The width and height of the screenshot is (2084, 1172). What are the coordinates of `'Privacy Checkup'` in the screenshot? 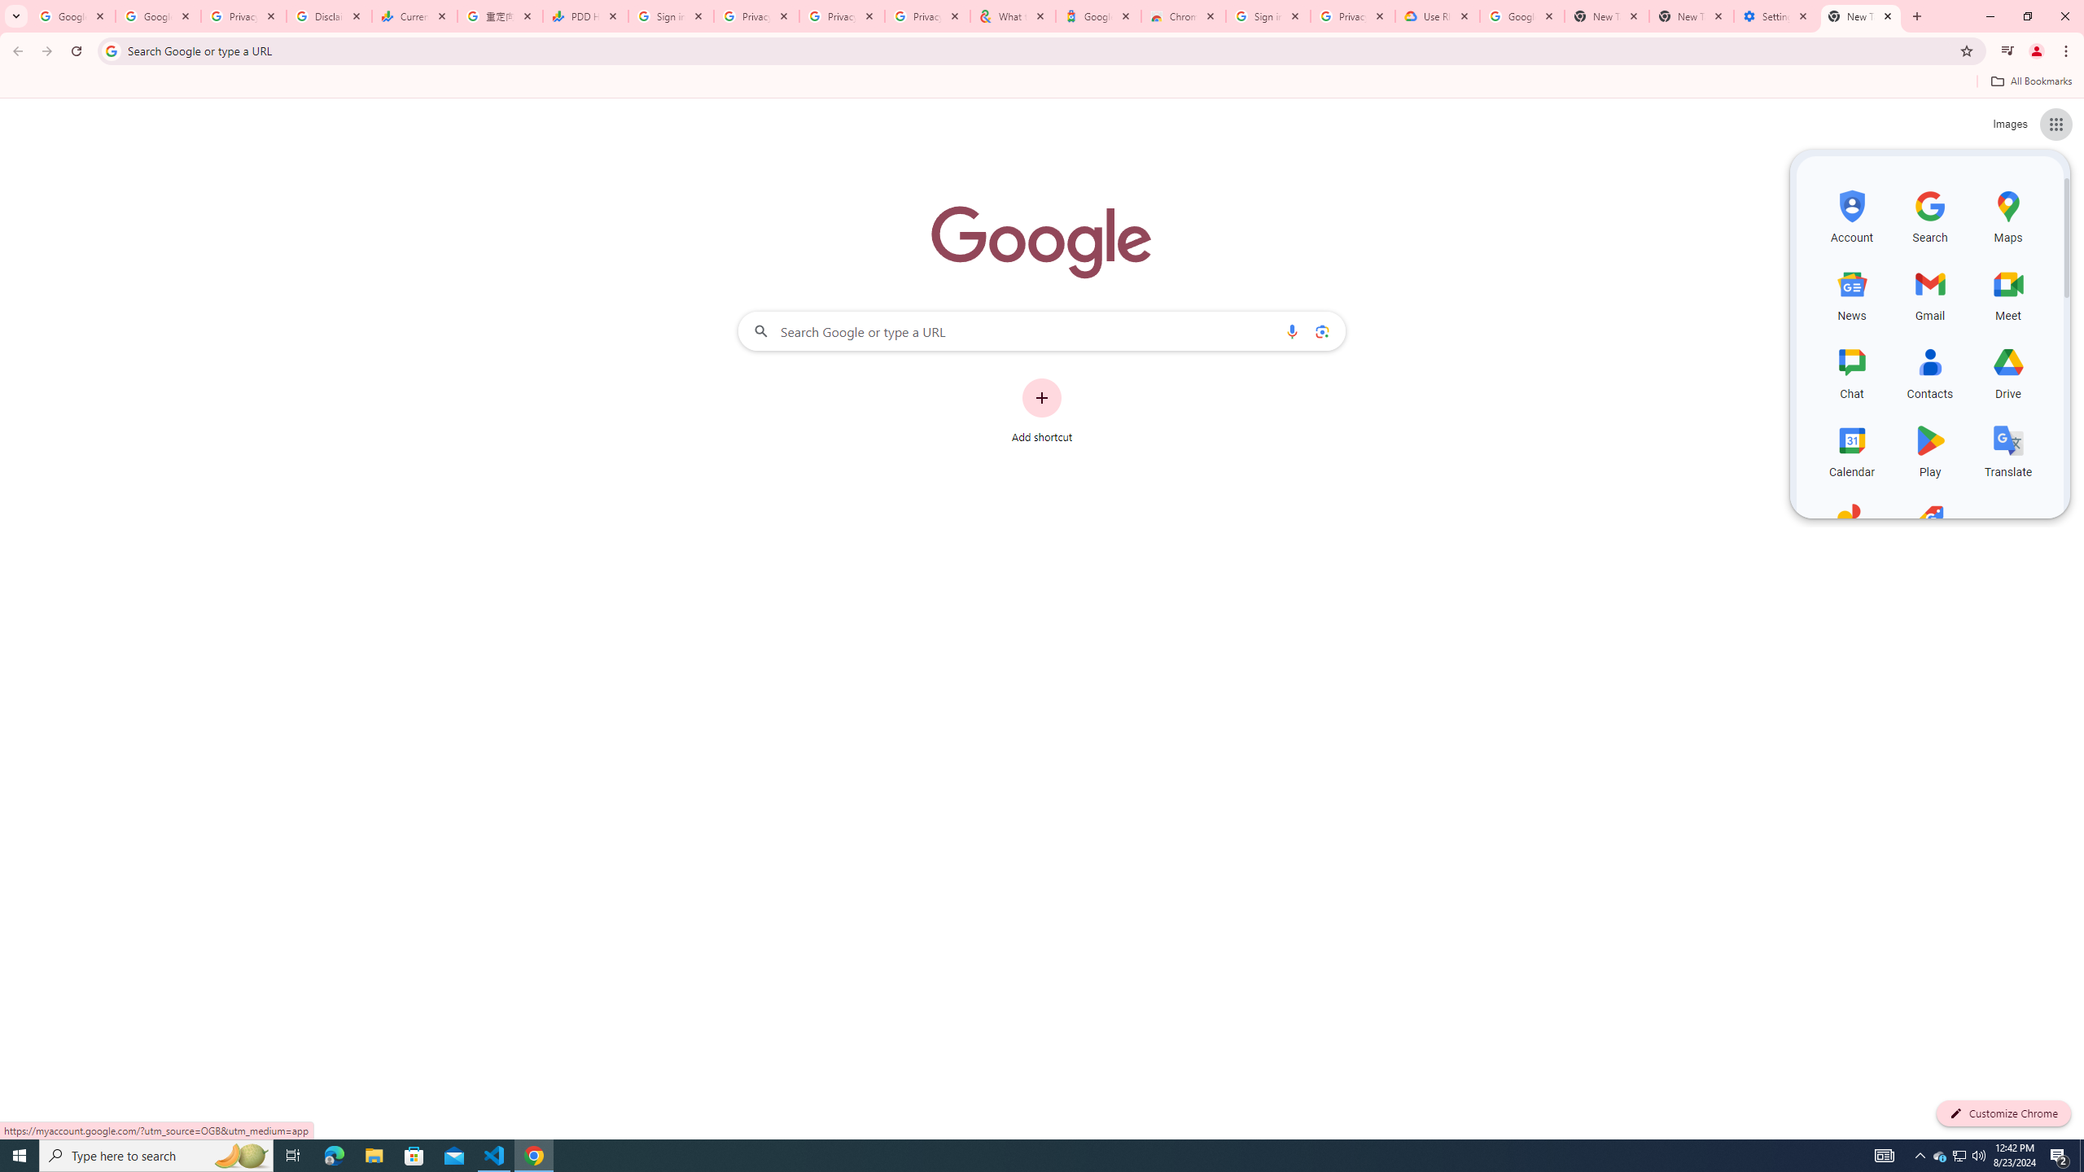 It's located at (926, 15).